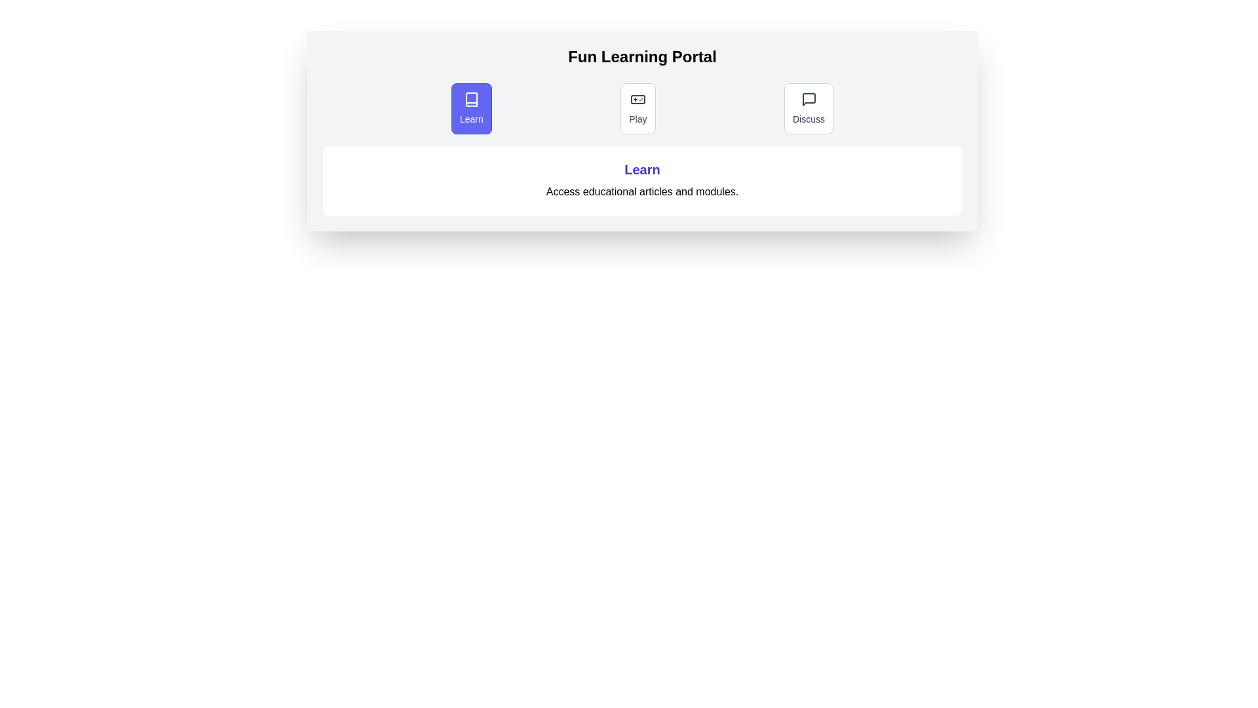 This screenshot has width=1258, height=708. What do you see at coordinates (638, 108) in the screenshot?
I see `the Play tab` at bounding box center [638, 108].